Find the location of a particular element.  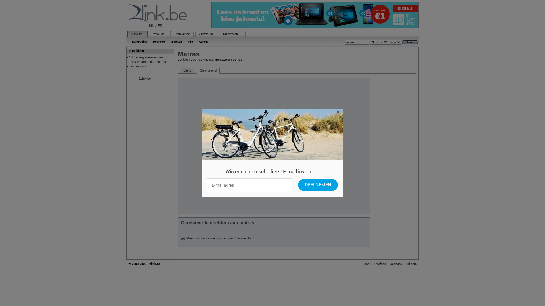

'Admin' is located at coordinates (196, 41).